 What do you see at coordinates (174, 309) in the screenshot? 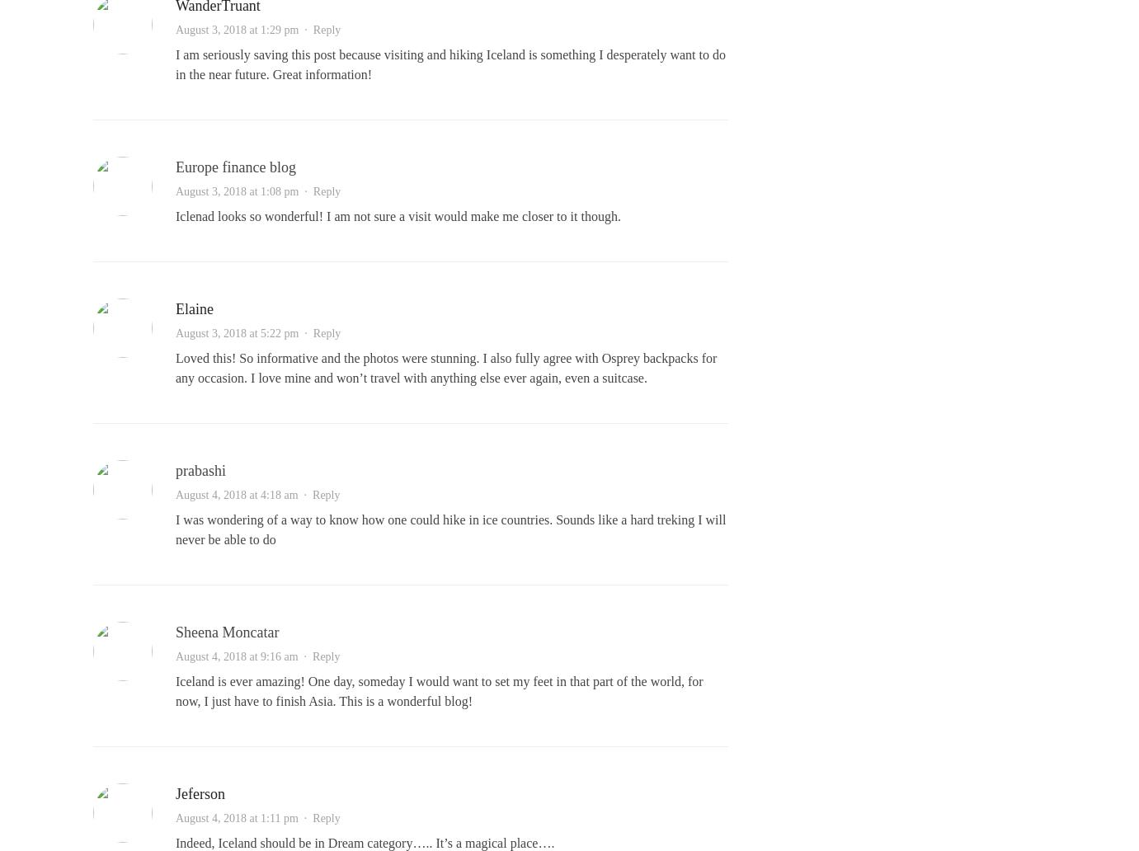
I see `'Elaine'` at bounding box center [174, 309].